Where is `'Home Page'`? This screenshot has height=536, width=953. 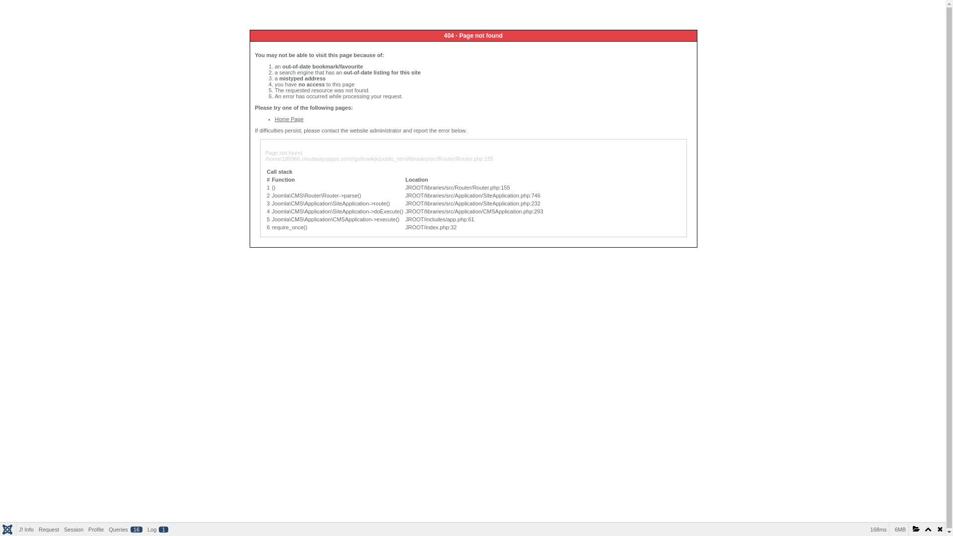 'Home Page' is located at coordinates (288, 118).